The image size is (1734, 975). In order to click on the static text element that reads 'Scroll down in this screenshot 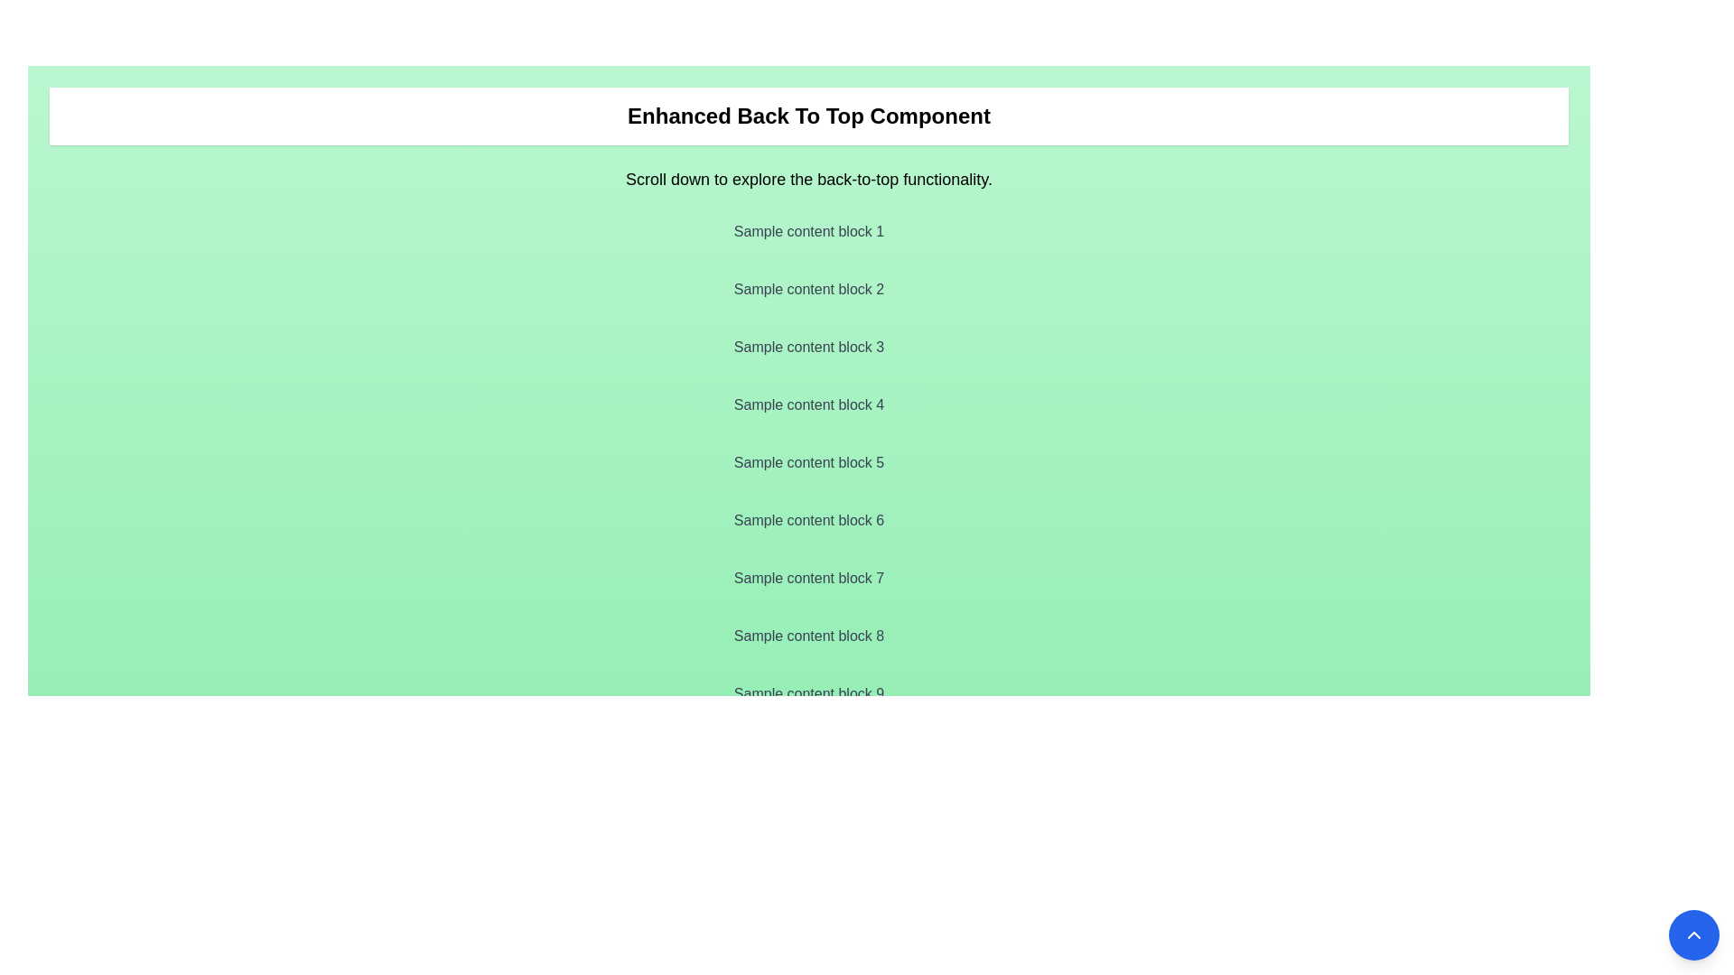, I will do `click(808, 180)`.